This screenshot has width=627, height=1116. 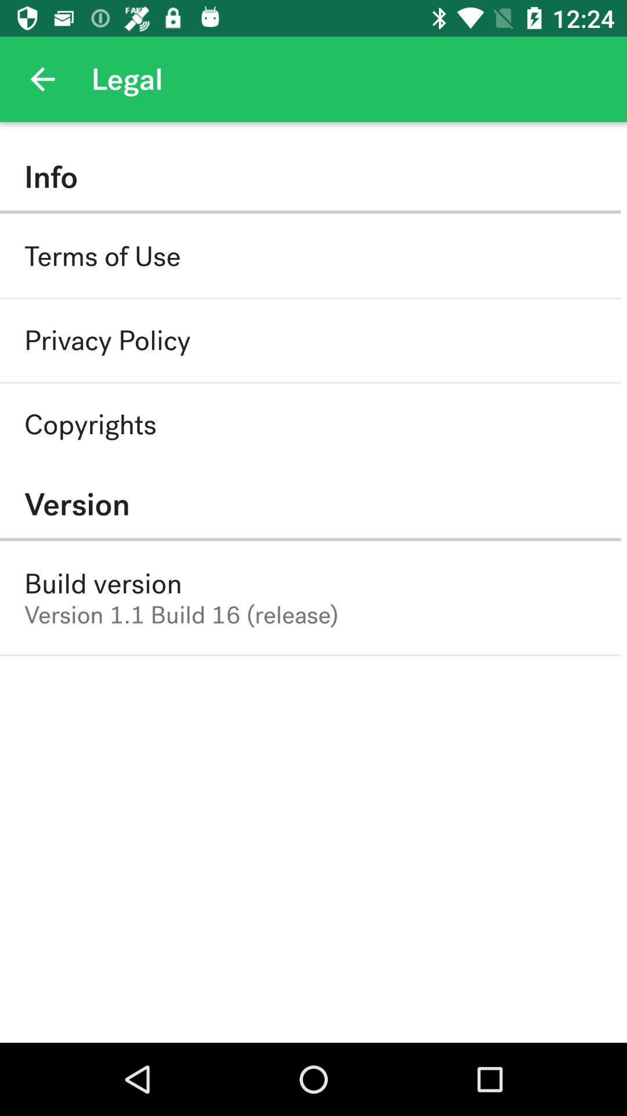 I want to click on the icon next to the legal, so click(x=42, y=78).